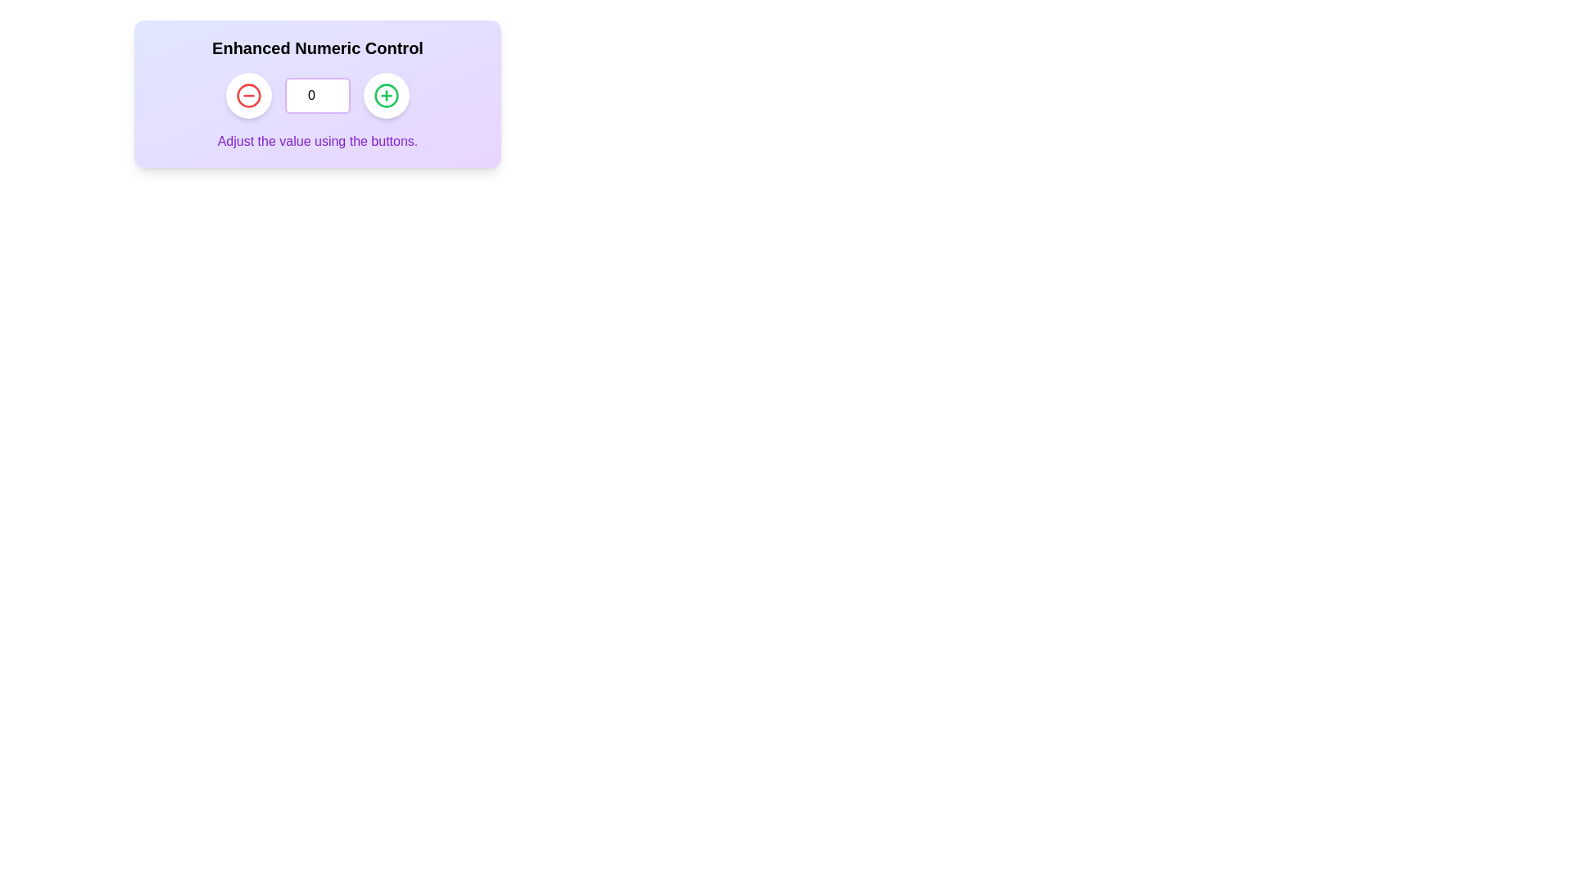 This screenshot has height=885, width=1573. What do you see at coordinates (318, 141) in the screenshot?
I see `the static text label that provides instructions for interacting with the numeric adjustment buttons above it` at bounding box center [318, 141].